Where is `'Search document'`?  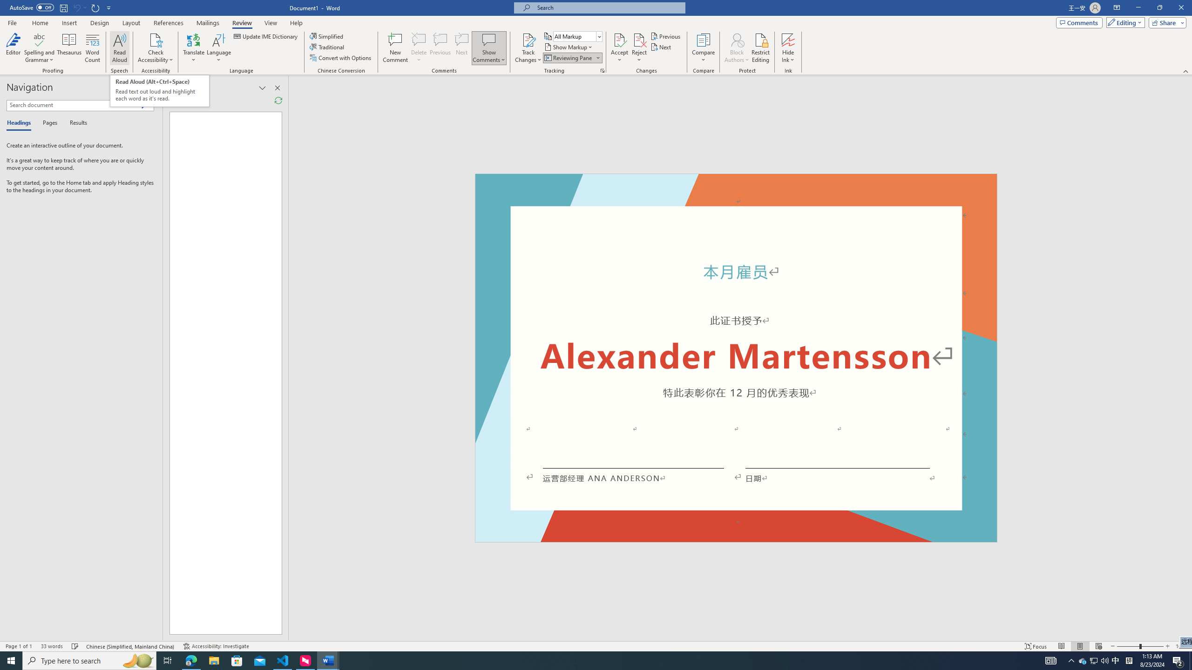 'Search document' is located at coordinates (74, 105).